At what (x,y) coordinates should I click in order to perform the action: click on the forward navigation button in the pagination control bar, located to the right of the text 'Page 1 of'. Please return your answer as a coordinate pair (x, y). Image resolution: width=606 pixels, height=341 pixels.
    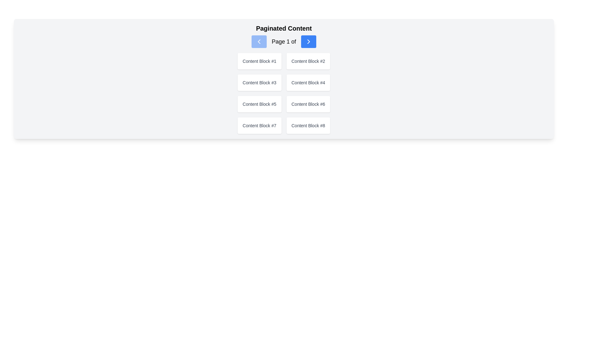
    Looking at the image, I should click on (309, 41).